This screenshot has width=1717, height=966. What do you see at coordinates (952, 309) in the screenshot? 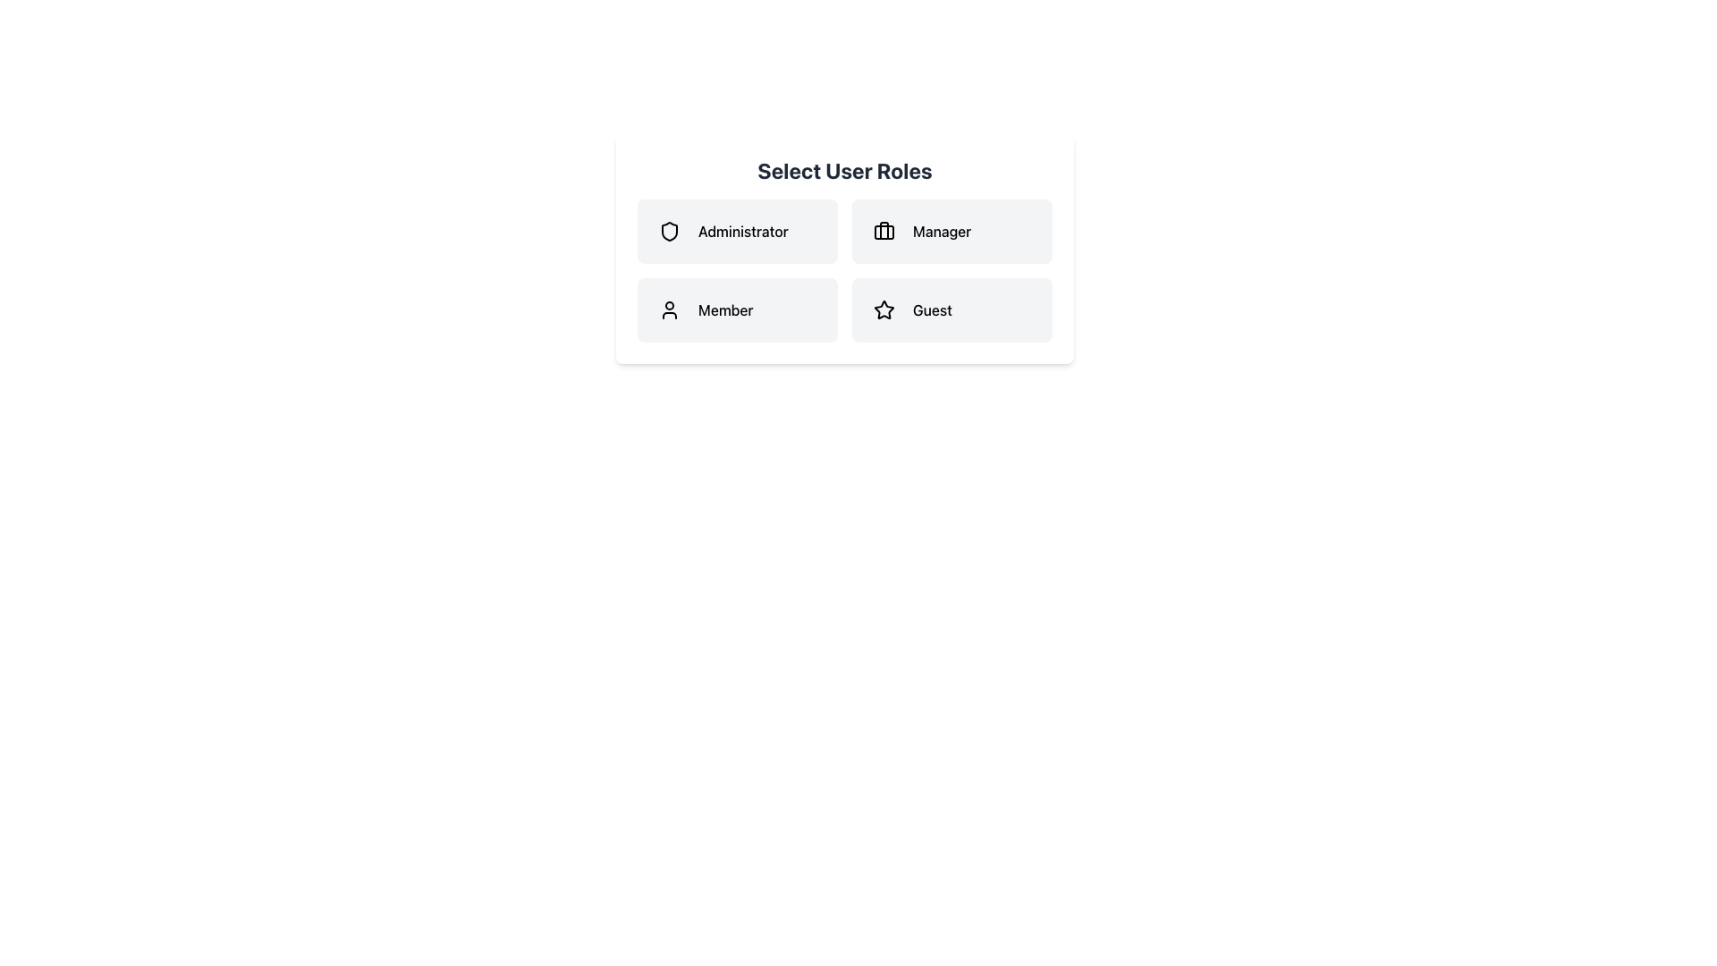
I see `the 'Guest' role selection button located in the bottom-right slot of the user role options grid` at bounding box center [952, 309].